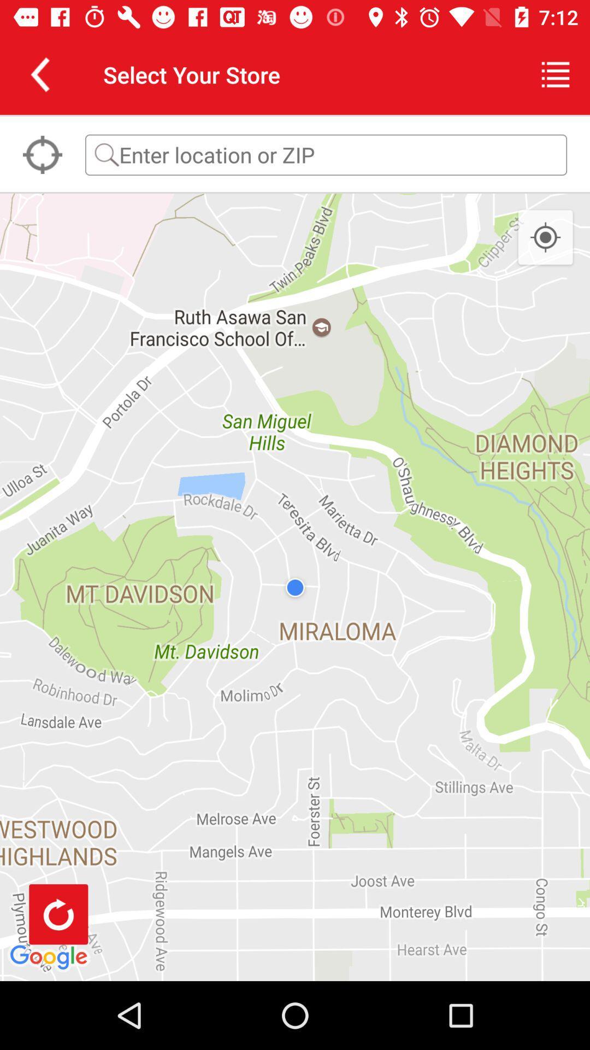  What do you see at coordinates (42, 154) in the screenshot?
I see `the location_crosshair icon` at bounding box center [42, 154].